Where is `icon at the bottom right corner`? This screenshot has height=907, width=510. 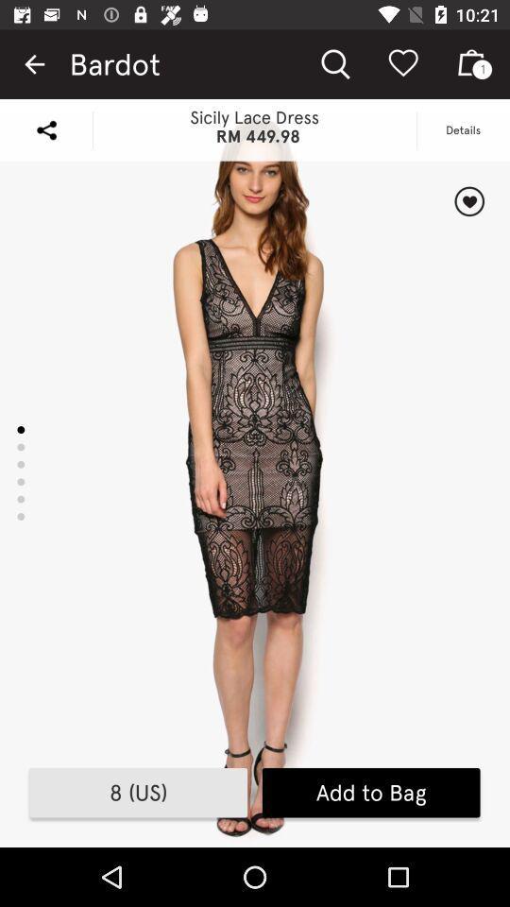
icon at the bottom right corner is located at coordinates (371, 793).